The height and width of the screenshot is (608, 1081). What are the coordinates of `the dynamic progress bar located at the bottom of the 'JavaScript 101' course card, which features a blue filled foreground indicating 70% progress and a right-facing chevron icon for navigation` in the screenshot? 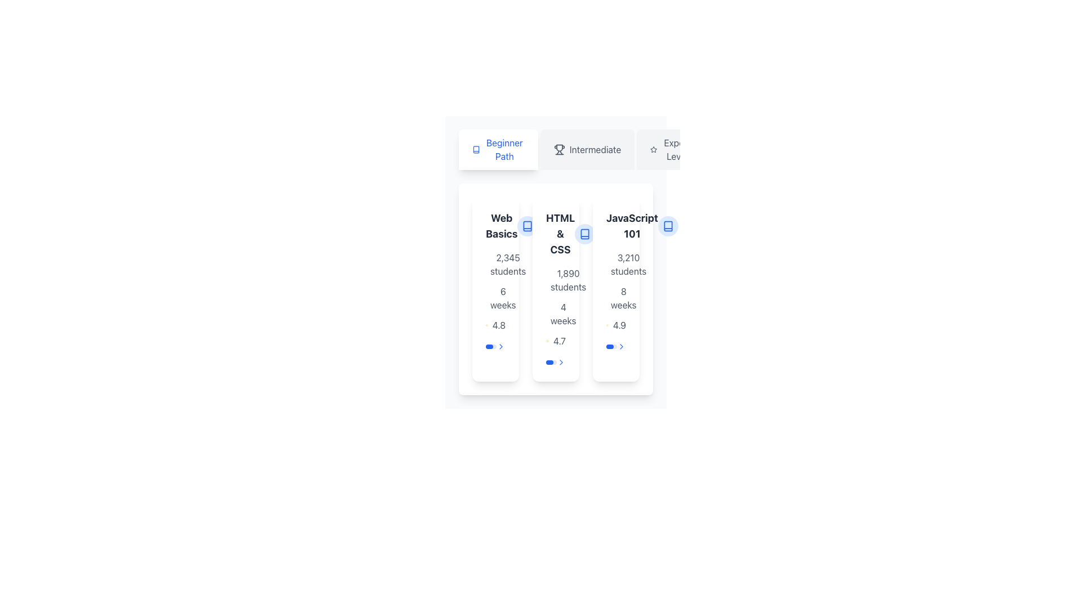 It's located at (615, 346).